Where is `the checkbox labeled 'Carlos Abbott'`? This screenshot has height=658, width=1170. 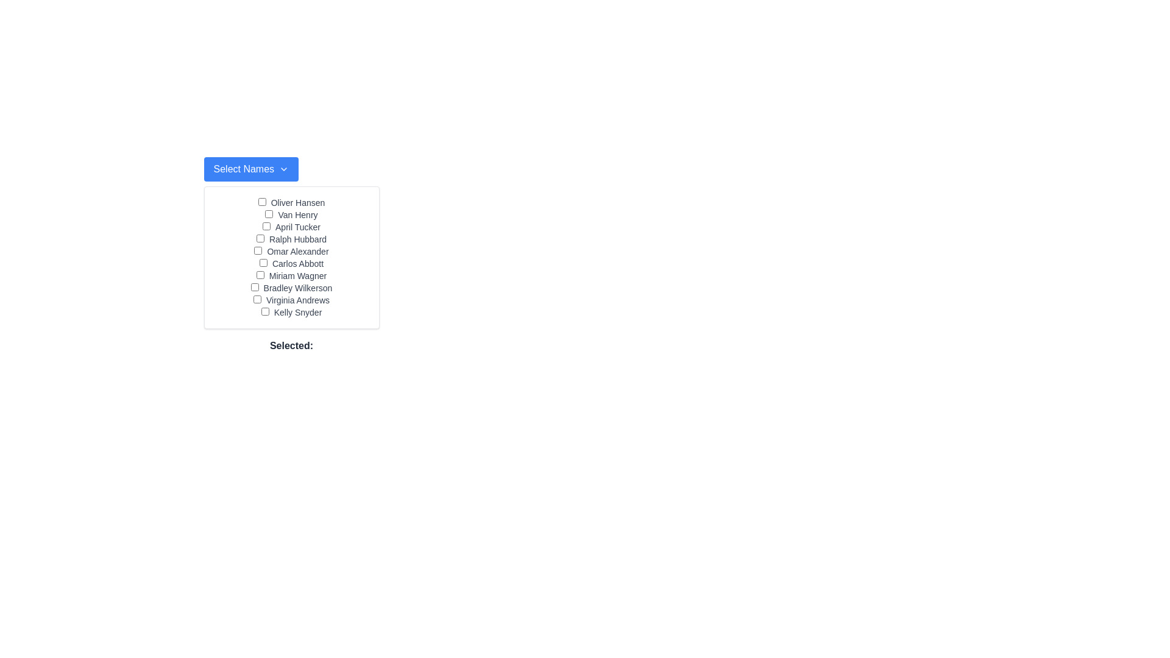
the checkbox labeled 'Carlos Abbott' is located at coordinates (291, 263).